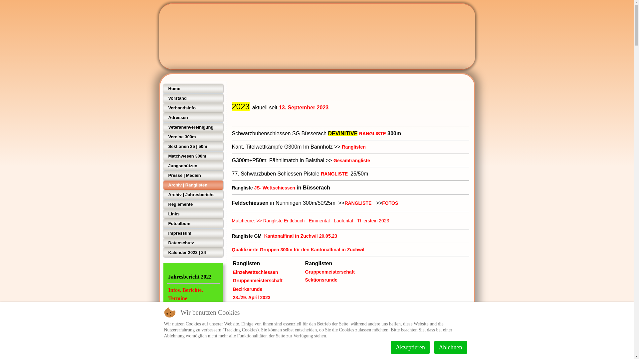 The image size is (639, 359). Describe the element at coordinates (278, 314) in the screenshot. I see `'Reglement zur Bezirksmeisterschaft 2023'` at that location.